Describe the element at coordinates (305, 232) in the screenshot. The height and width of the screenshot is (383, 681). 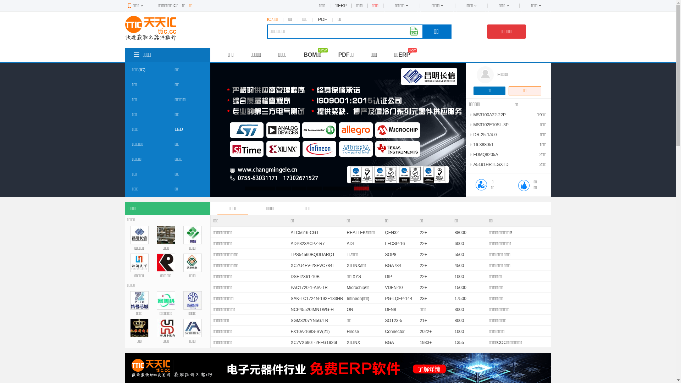
I see `'ALC5616-CGT'` at that location.